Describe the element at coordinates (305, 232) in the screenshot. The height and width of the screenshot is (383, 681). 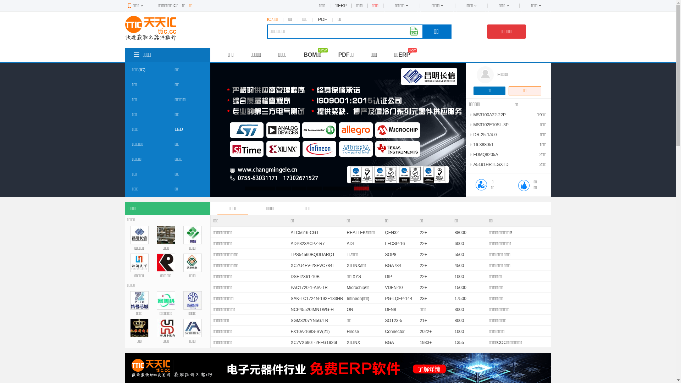
I see `'ALC5616-CGT'` at that location.